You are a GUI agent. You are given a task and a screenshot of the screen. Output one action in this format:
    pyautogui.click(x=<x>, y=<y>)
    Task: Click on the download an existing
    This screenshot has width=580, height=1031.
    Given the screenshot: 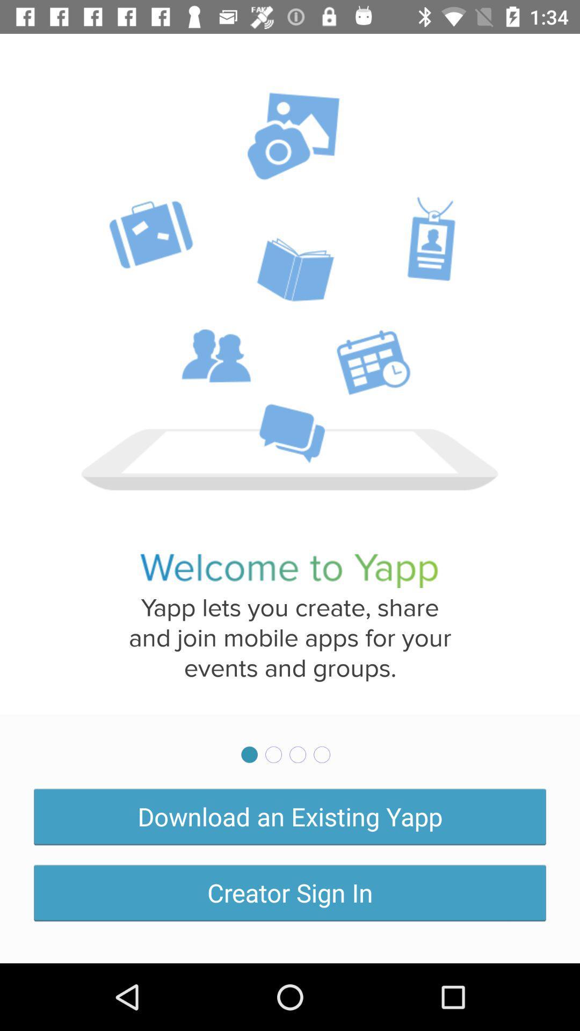 What is the action you would take?
    pyautogui.click(x=290, y=816)
    